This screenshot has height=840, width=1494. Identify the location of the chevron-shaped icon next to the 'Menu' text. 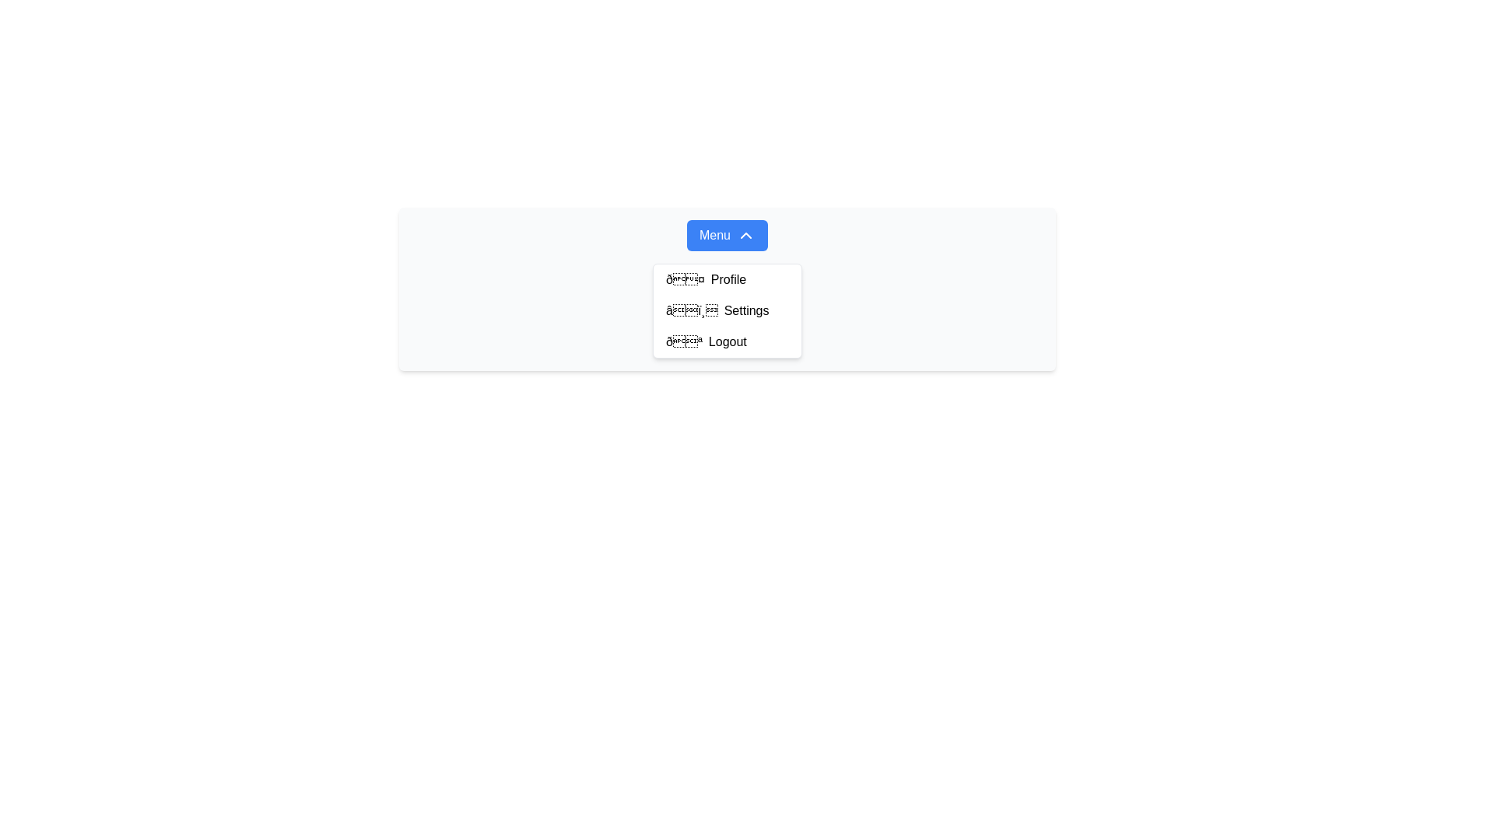
(745, 236).